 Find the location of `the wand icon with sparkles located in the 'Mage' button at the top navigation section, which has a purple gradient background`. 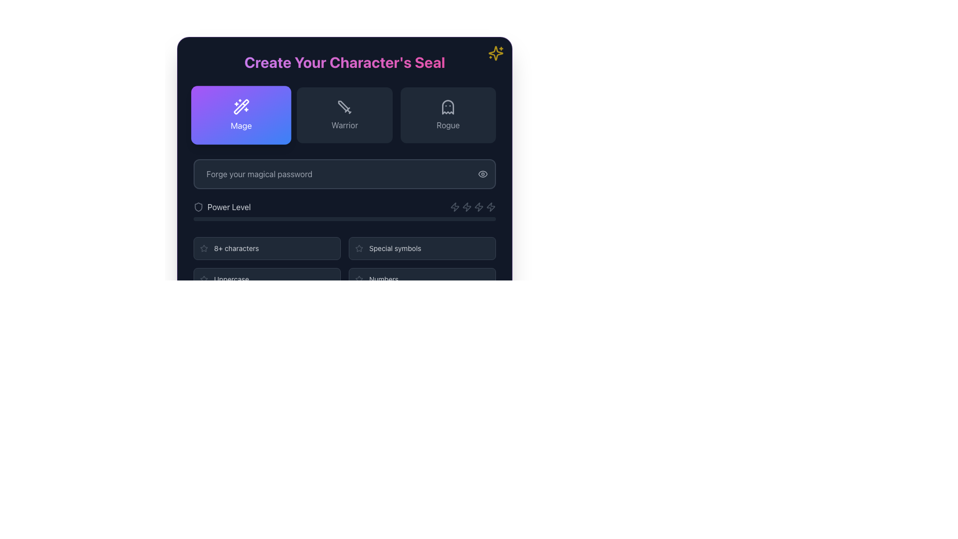

the wand icon with sparkles located in the 'Mage' button at the top navigation section, which has a purple gradient background is located at coordinates (241, 107).